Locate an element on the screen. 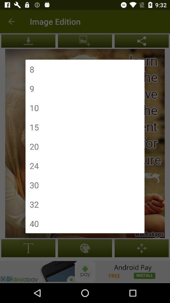  icon above the 30 icon is located at coordinates (34, 165).